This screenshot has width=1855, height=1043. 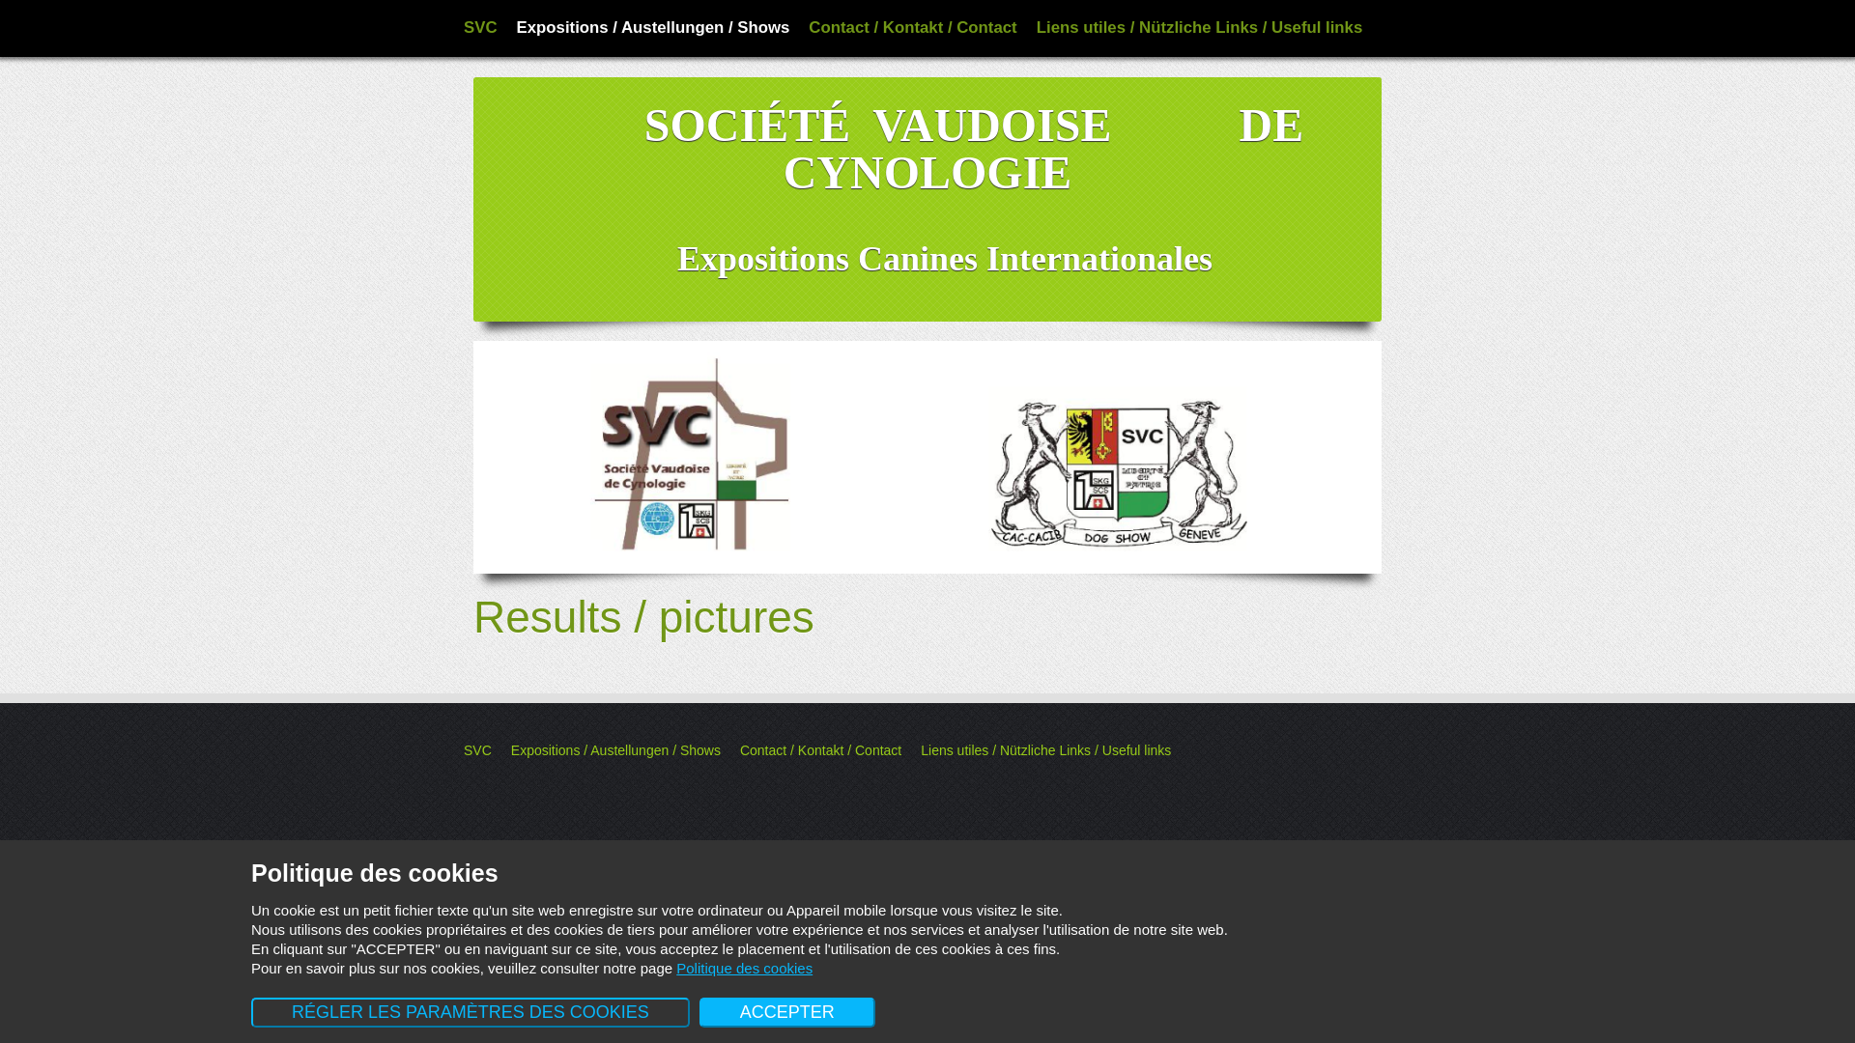 What do you see at coordinates (653, 27) in the screenshot?
I see `'Expositions / Austellungen / Shows'` at bounding box center [653, 27].